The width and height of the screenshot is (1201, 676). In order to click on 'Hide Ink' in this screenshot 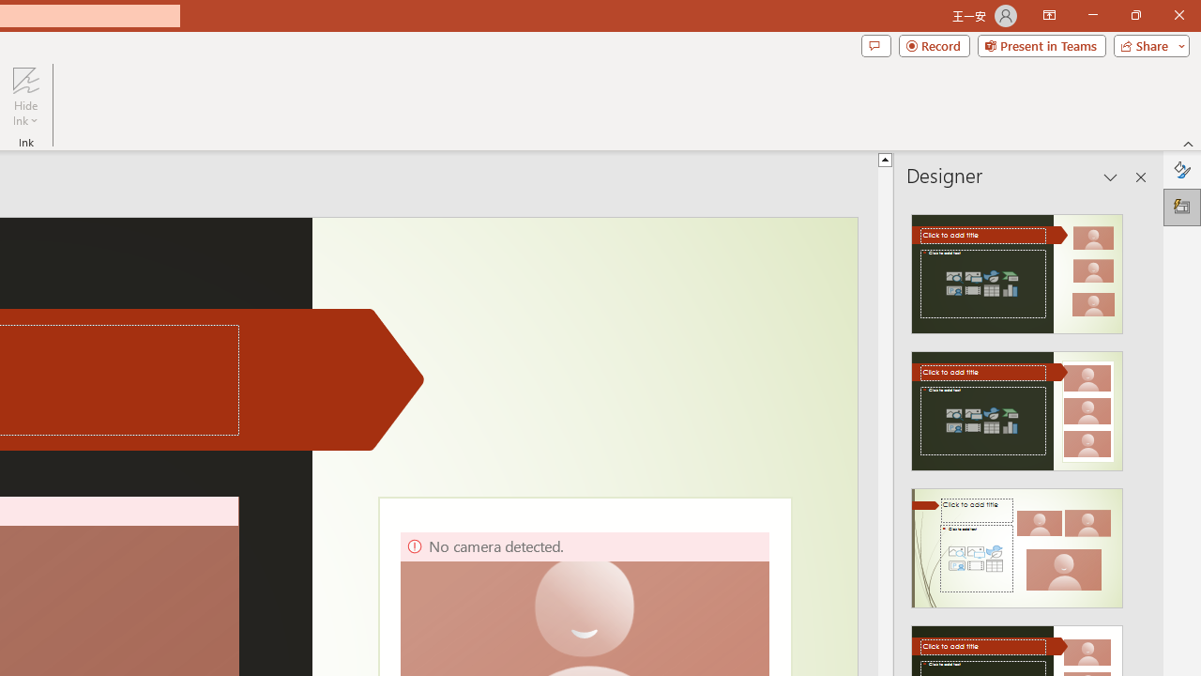, I will do `click(25, 79)`.